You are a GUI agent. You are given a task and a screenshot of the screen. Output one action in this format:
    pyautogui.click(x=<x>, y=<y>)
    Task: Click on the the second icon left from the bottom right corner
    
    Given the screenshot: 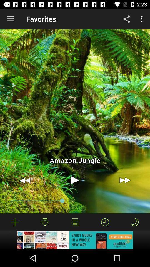 What is the action you would take?
    pyautogui.click(x=105, y=222)
    